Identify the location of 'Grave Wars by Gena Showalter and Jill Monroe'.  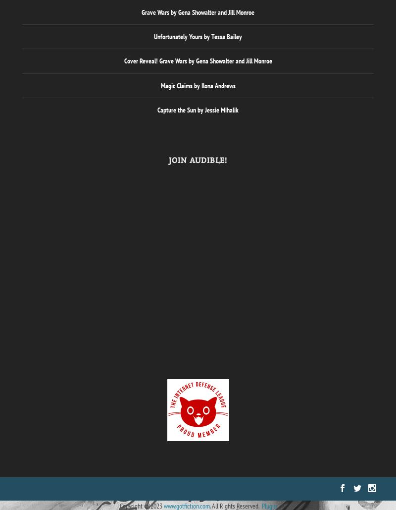
(198, 12).